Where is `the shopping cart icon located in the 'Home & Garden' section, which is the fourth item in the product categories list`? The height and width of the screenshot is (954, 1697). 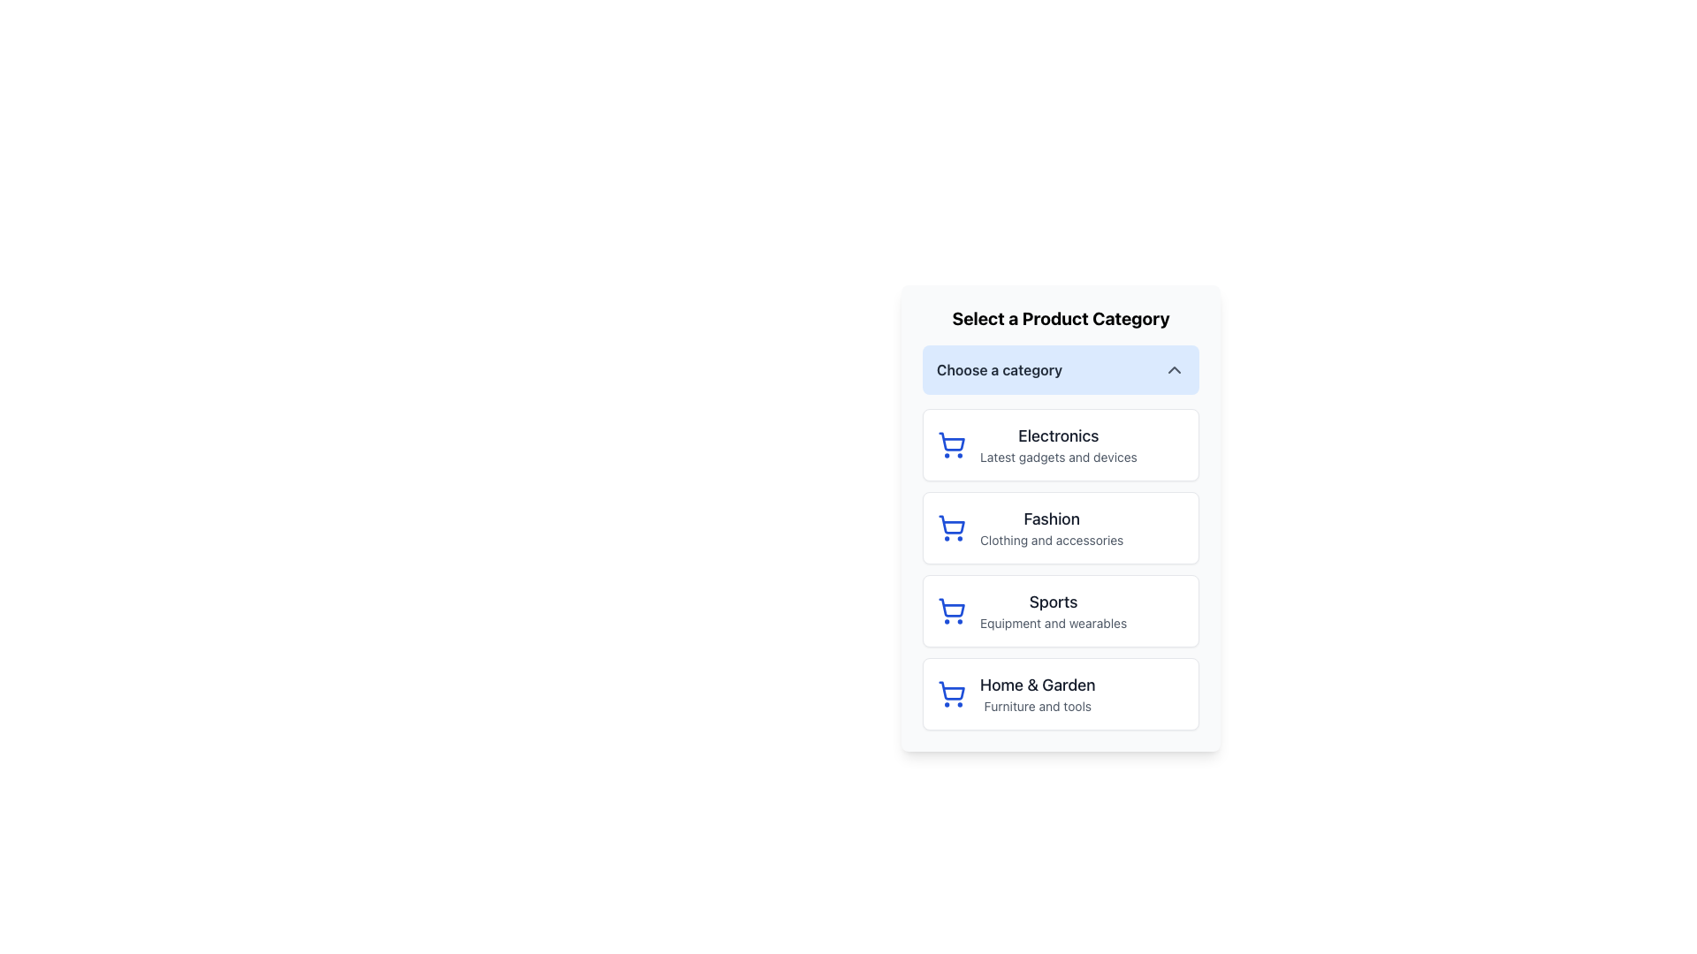 the shopping cart icon located in the 'Home & Garden' section, which is the fourth item in the product categories list is located at coordinates (950, 693).